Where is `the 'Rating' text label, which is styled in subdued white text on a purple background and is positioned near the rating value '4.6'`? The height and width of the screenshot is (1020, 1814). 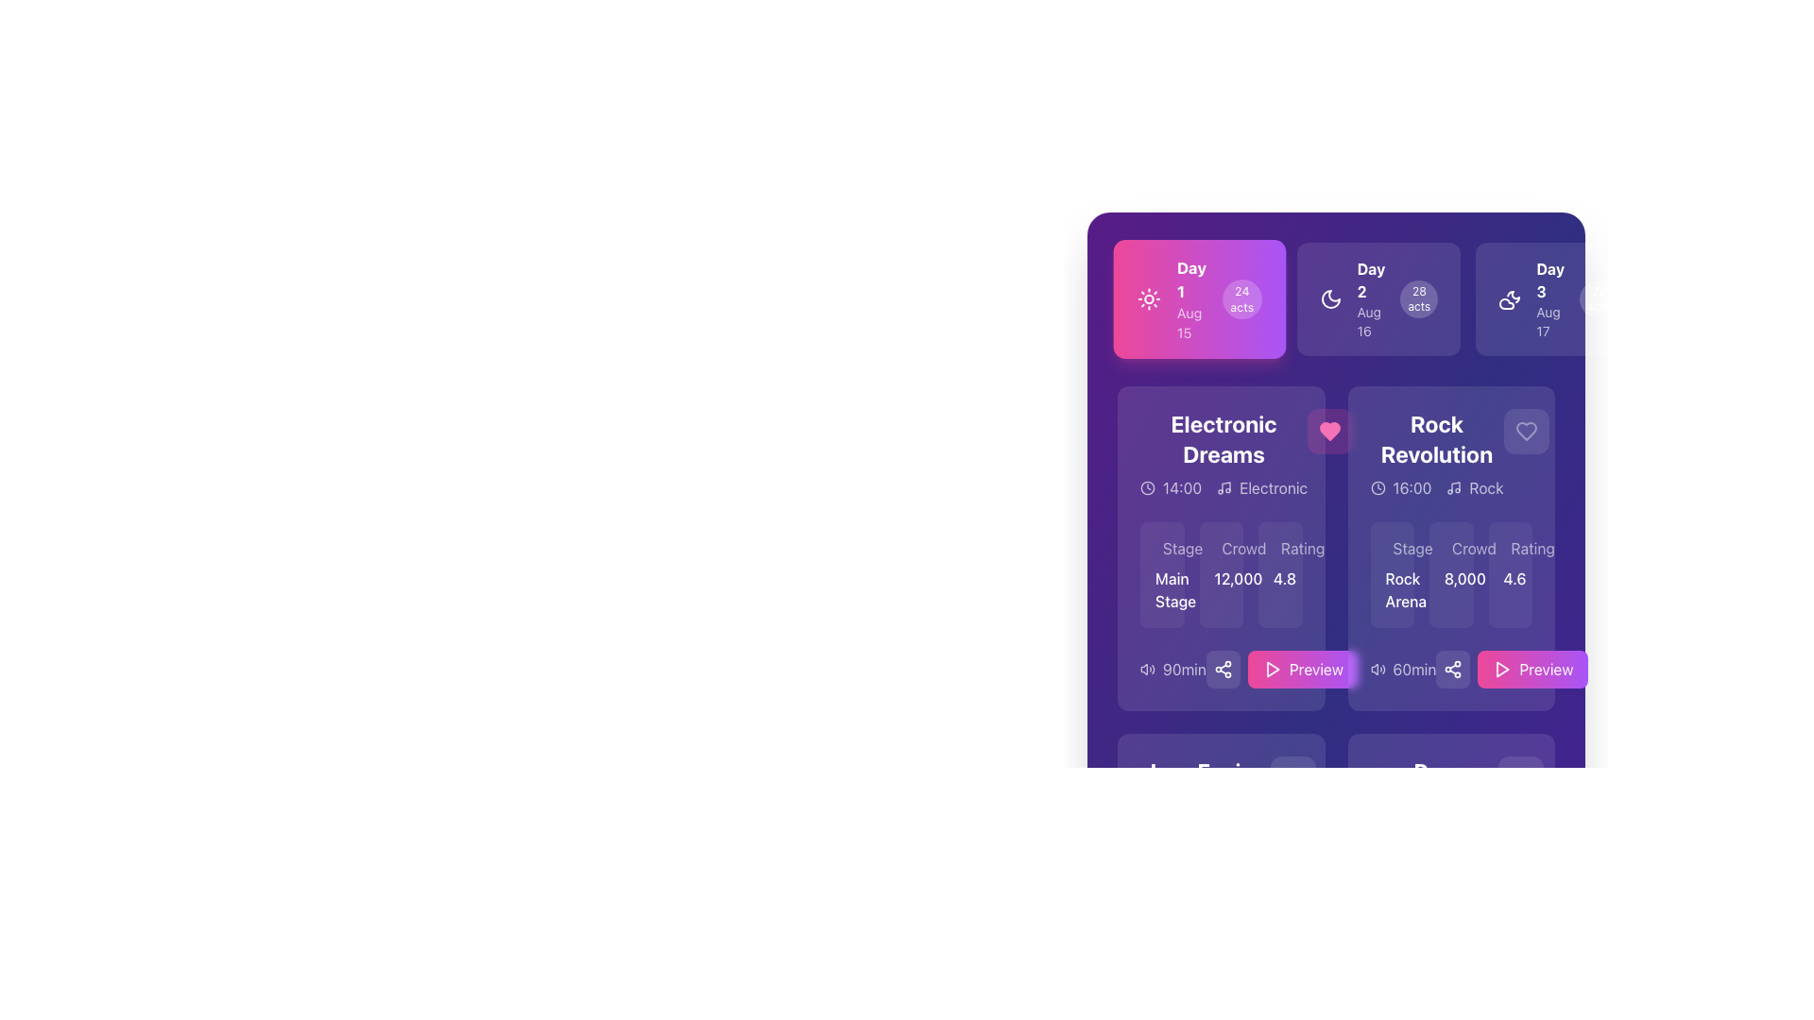
the 'Rating' text label, which is styled in subdued white text on a purple background and is positioned near the rating value '4.6' is located at coordinates (1509, 549).